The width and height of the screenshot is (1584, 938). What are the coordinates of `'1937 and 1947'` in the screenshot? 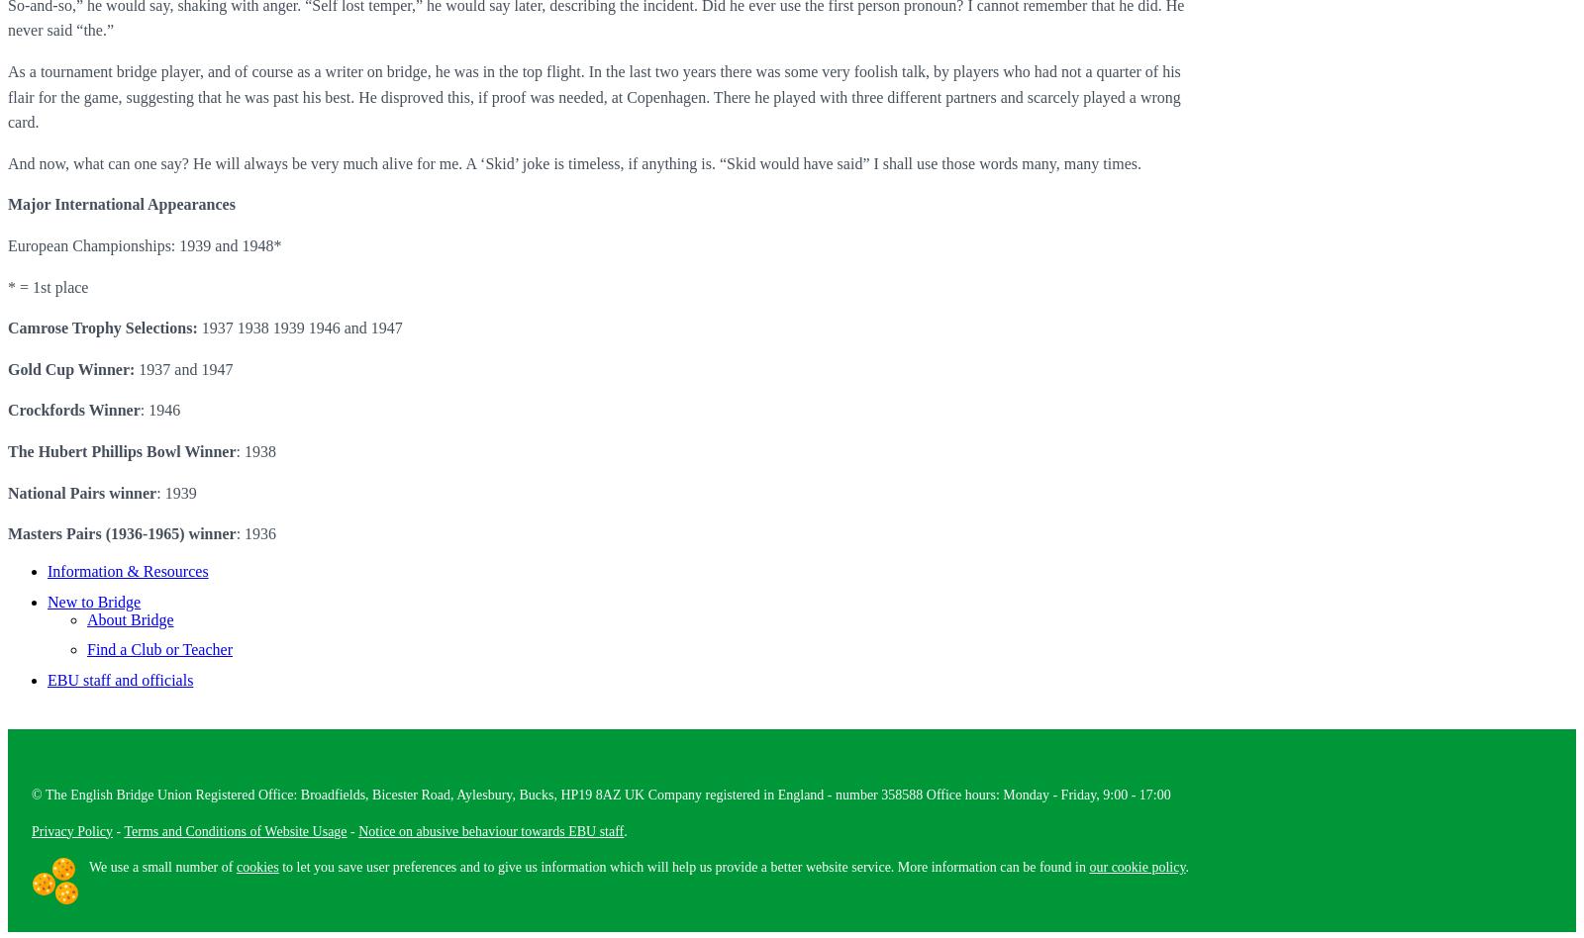 It's located at (182, 367).